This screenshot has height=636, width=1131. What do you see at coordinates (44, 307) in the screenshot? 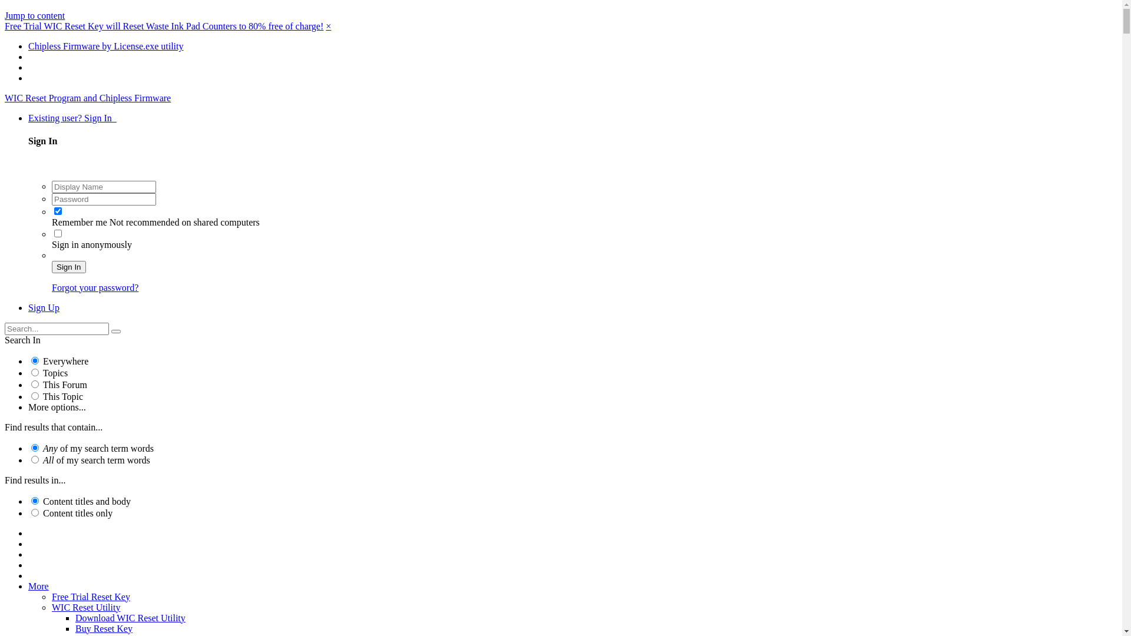
I see `'Sign Up'` at bounding box center [44, 307].